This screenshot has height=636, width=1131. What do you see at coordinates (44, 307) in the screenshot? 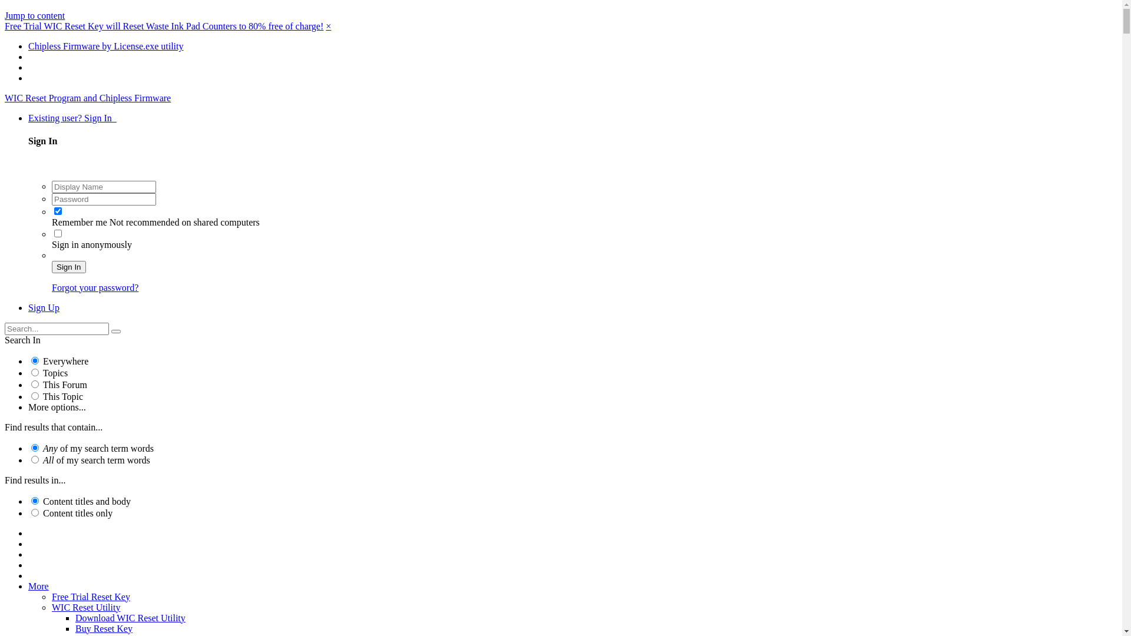
I see `'Sign Up'` at bounding box center [44, 307].